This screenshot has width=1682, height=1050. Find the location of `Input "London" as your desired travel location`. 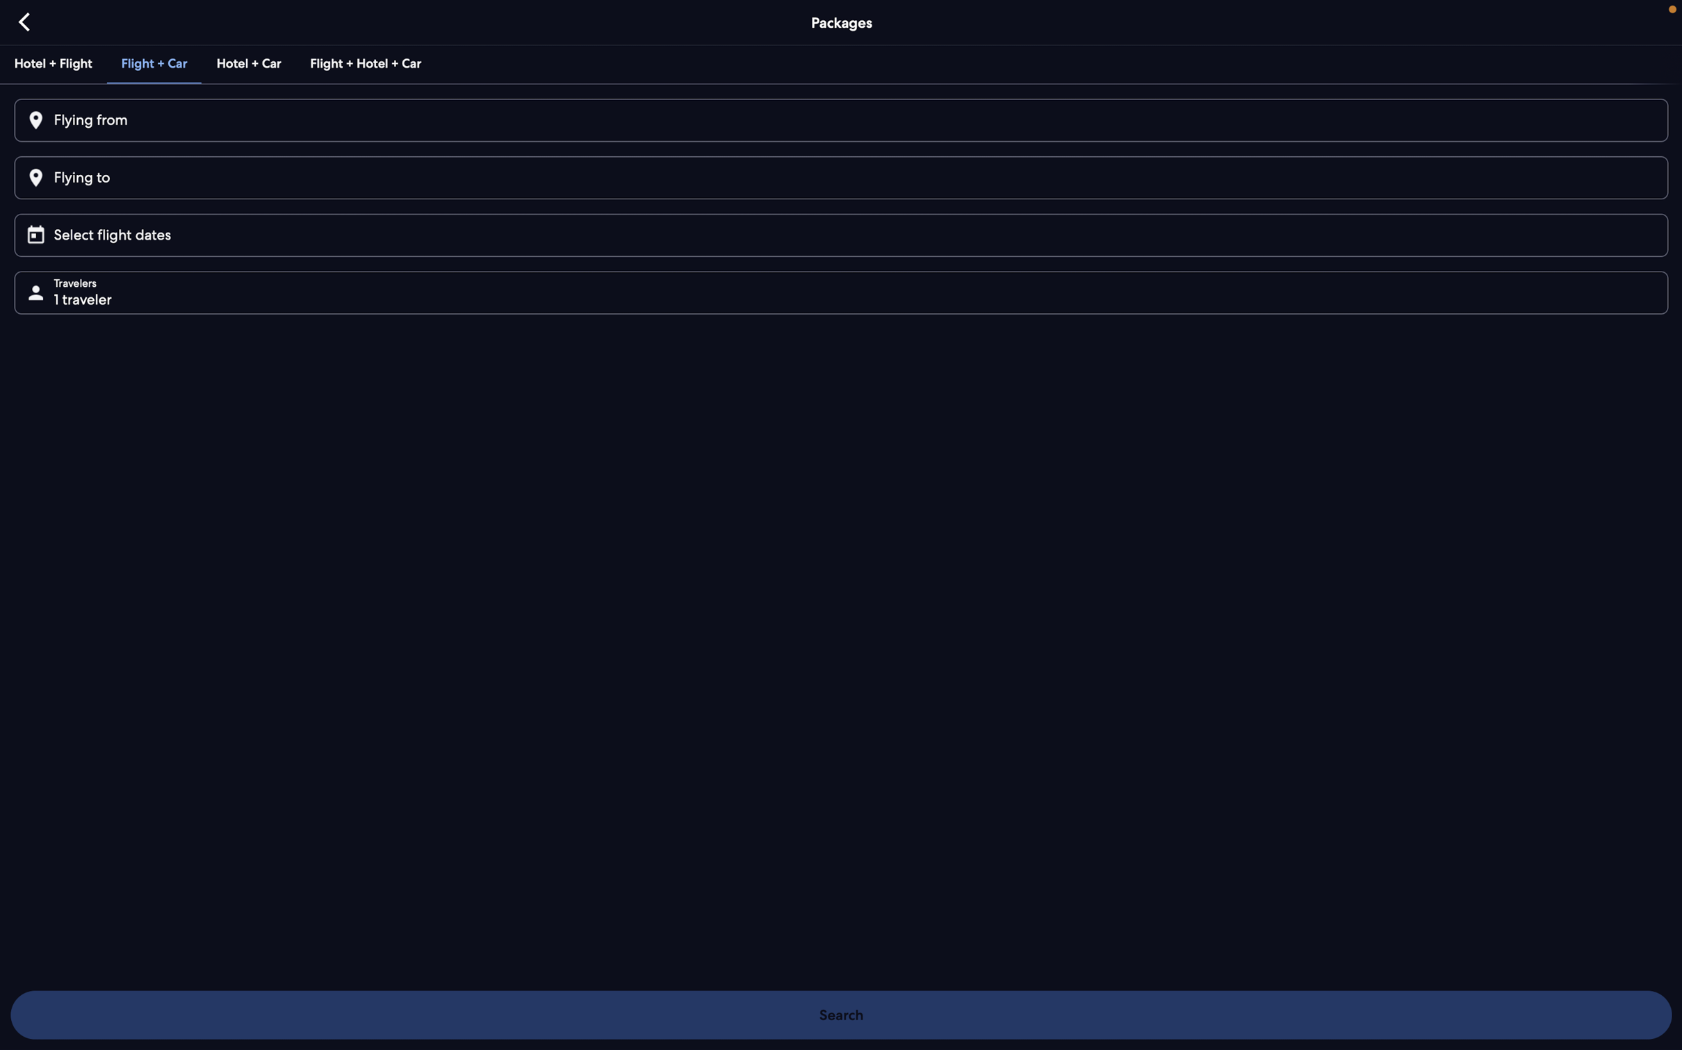

Input "London" as your desired travel location is located at coordinates (839, 177).